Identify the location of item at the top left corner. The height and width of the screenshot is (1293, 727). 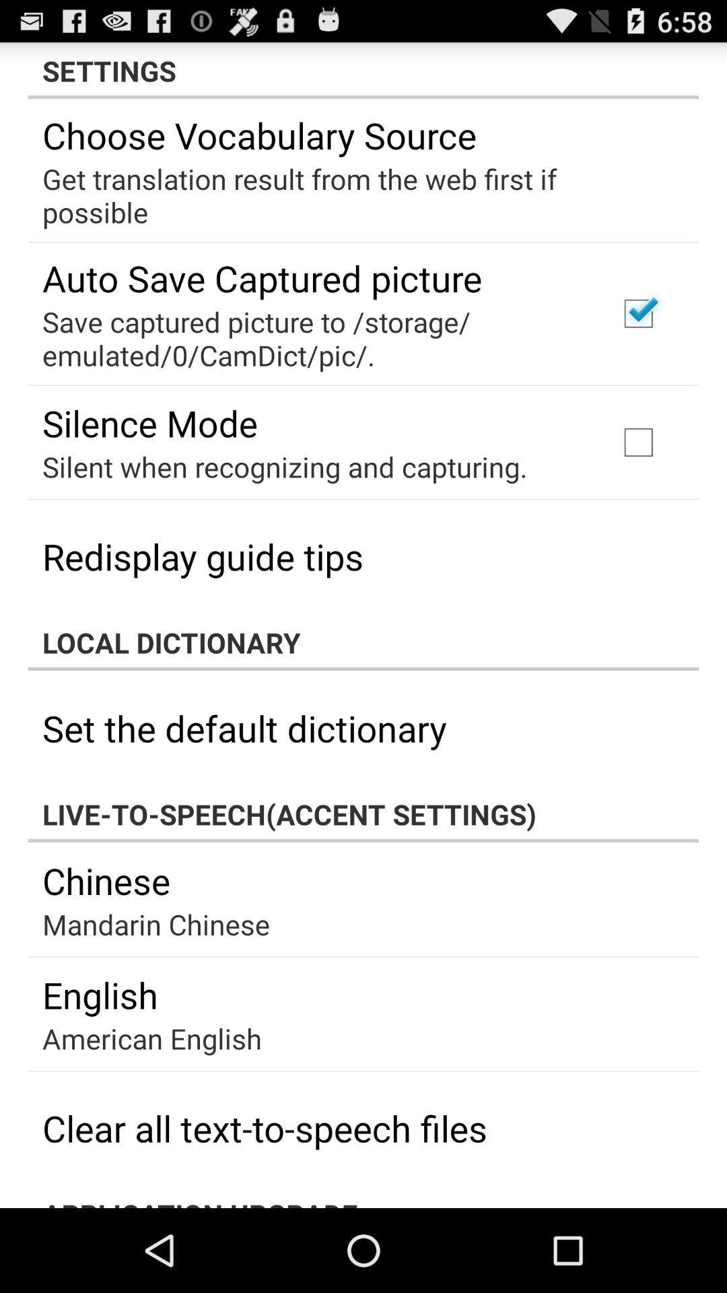
(150, 422).